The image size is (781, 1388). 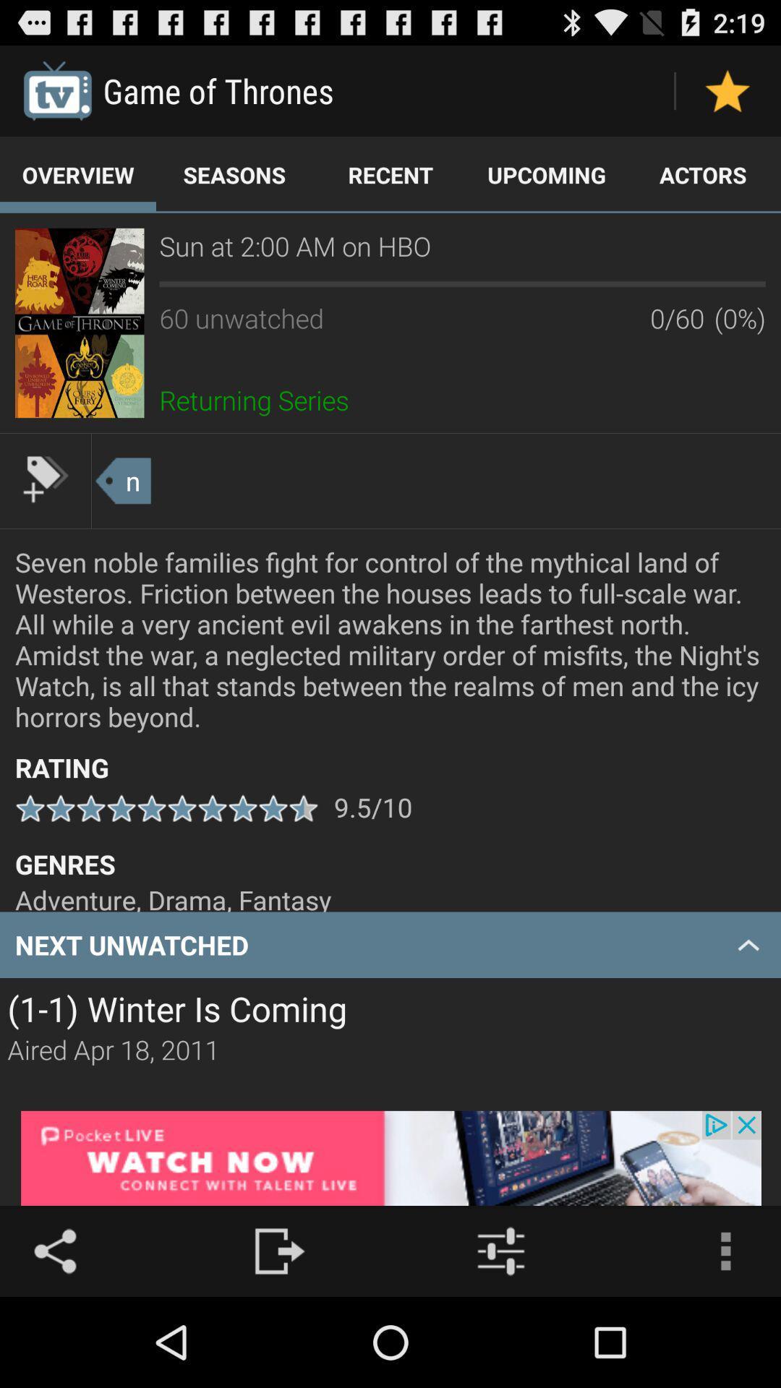 What do you see at coordinates (44, 513) in the screenshot?
I see `the label icon` at bounding box center [44, 513].